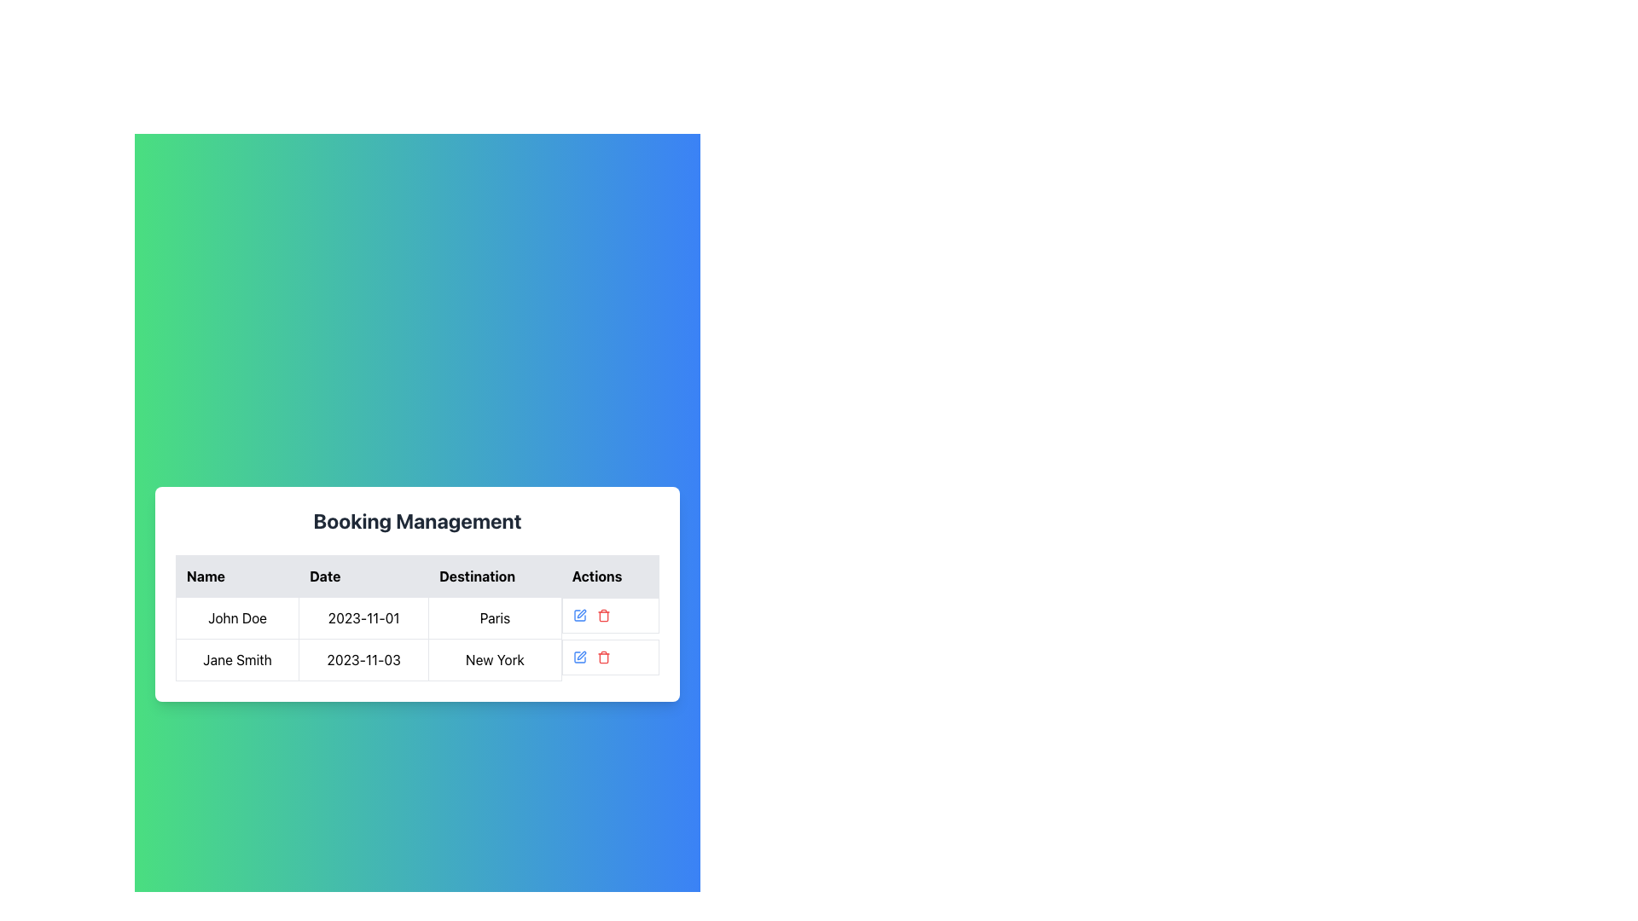 Image resolution: width=1638 pixels, height=921 pixels. I want to click on the body of the trash bin icon, which is the middle component of the trash icon's structure, to indicate a delete or remove action, so click(603, 657).